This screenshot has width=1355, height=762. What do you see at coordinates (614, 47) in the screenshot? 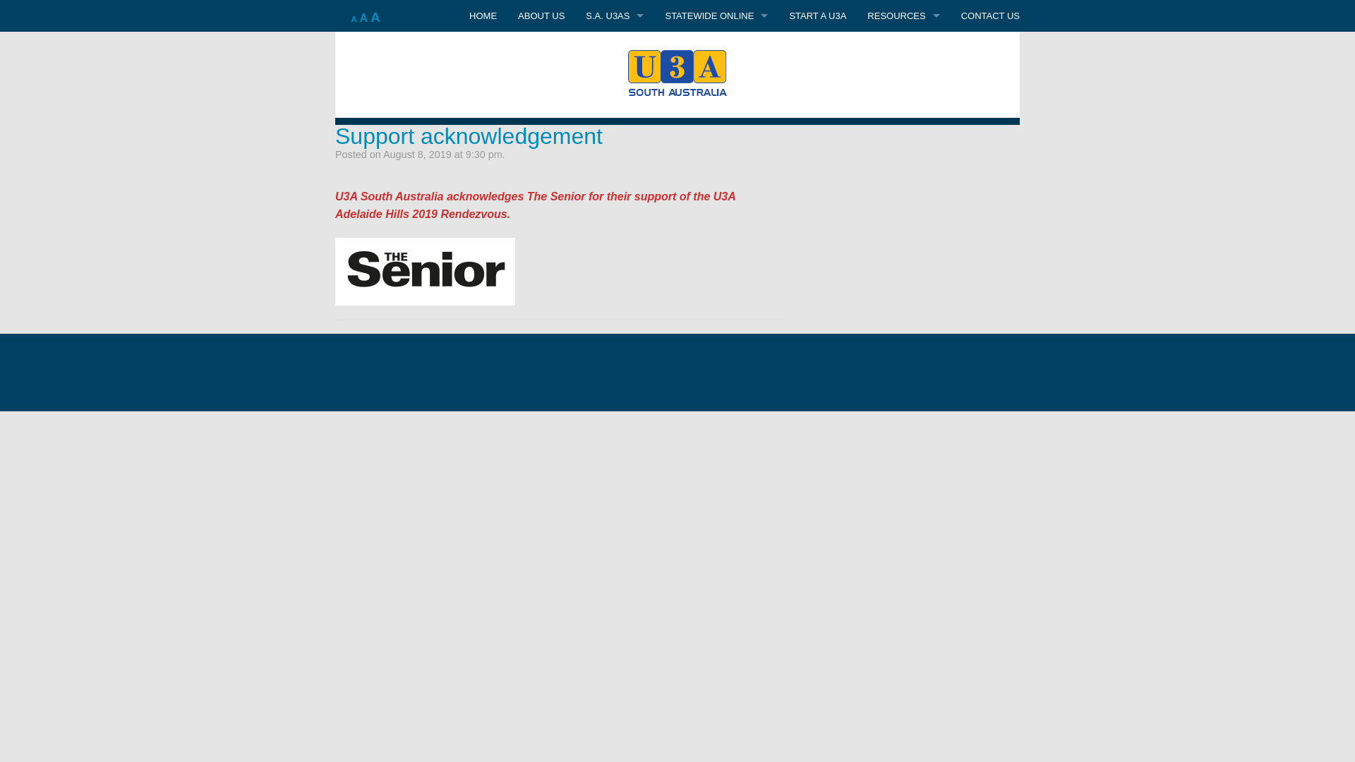
I see `'S.A. U3AS'` at bounding box center [614, 47].